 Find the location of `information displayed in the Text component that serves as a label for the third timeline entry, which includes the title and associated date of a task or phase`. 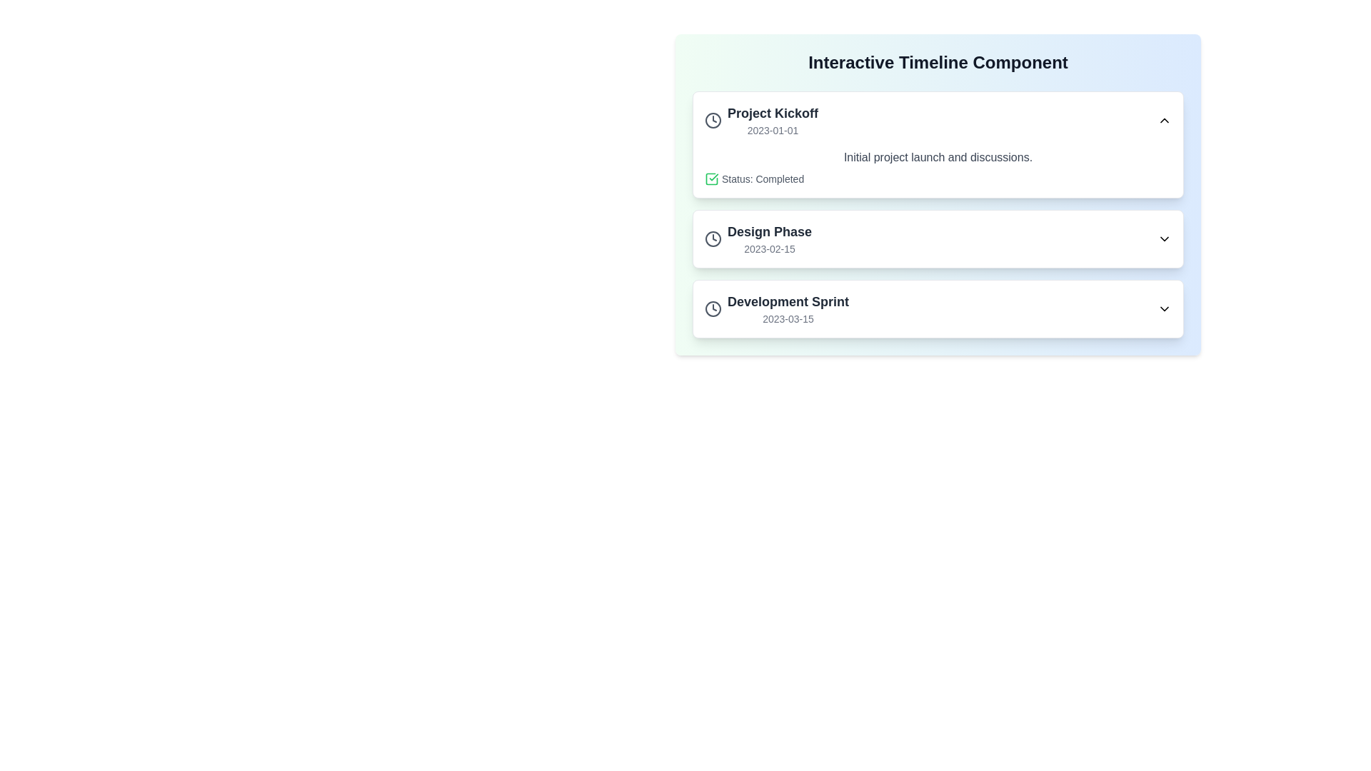

information displayed in the Text component that serves as a label for the third timeline entry, which includes the title and associated date of a task or phase is located at coordinates (788, 308).